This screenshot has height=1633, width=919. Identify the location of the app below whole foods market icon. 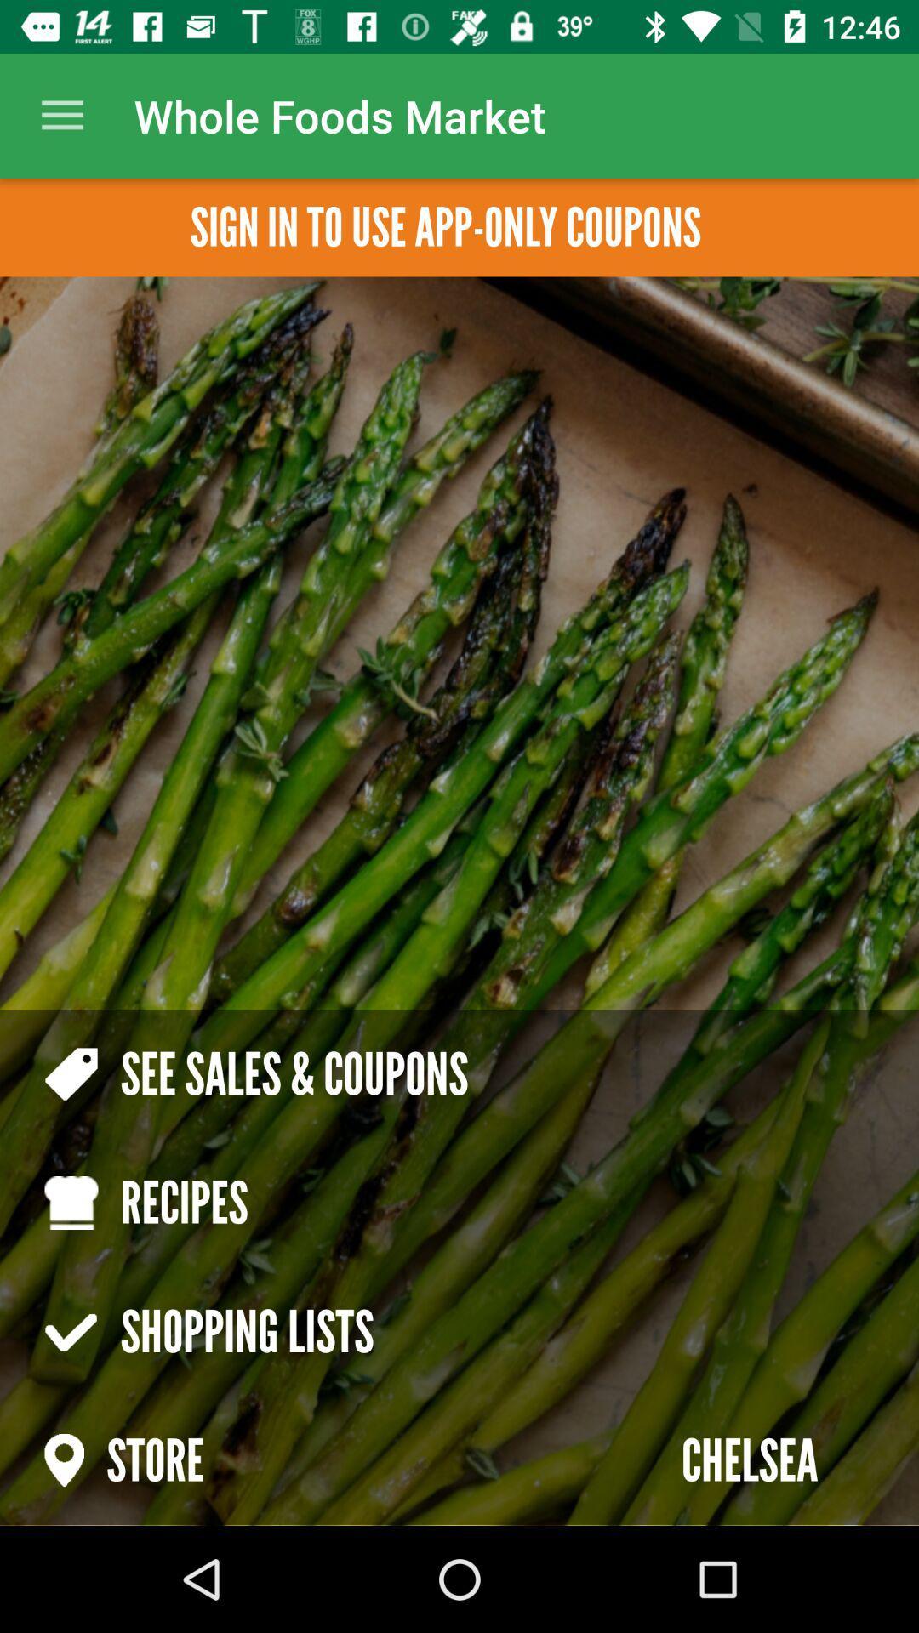
(444, 226).